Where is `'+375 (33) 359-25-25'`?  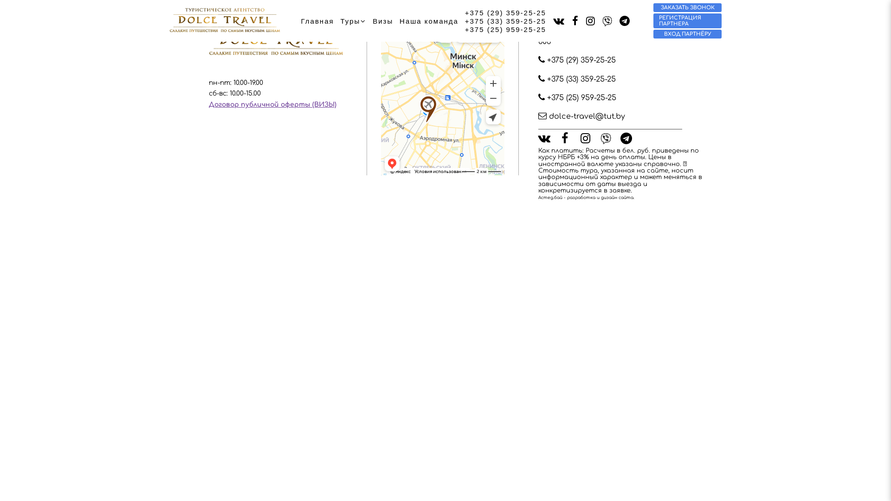
'+375 (33) 359-25-25' is located at coordinates (463, 21).